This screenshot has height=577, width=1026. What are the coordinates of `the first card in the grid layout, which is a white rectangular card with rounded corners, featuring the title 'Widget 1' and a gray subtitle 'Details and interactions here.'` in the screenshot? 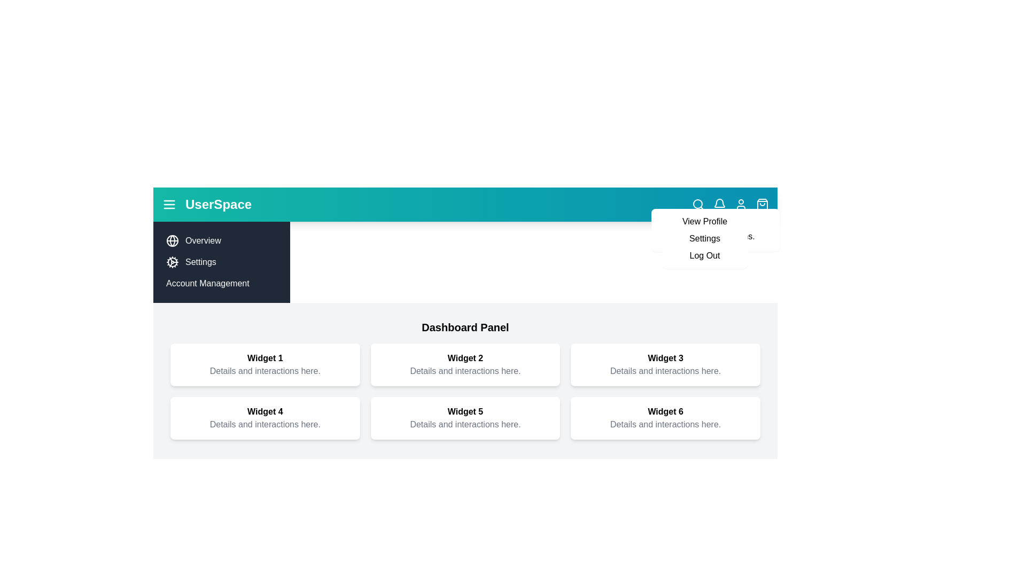 It's located at (265, 364).